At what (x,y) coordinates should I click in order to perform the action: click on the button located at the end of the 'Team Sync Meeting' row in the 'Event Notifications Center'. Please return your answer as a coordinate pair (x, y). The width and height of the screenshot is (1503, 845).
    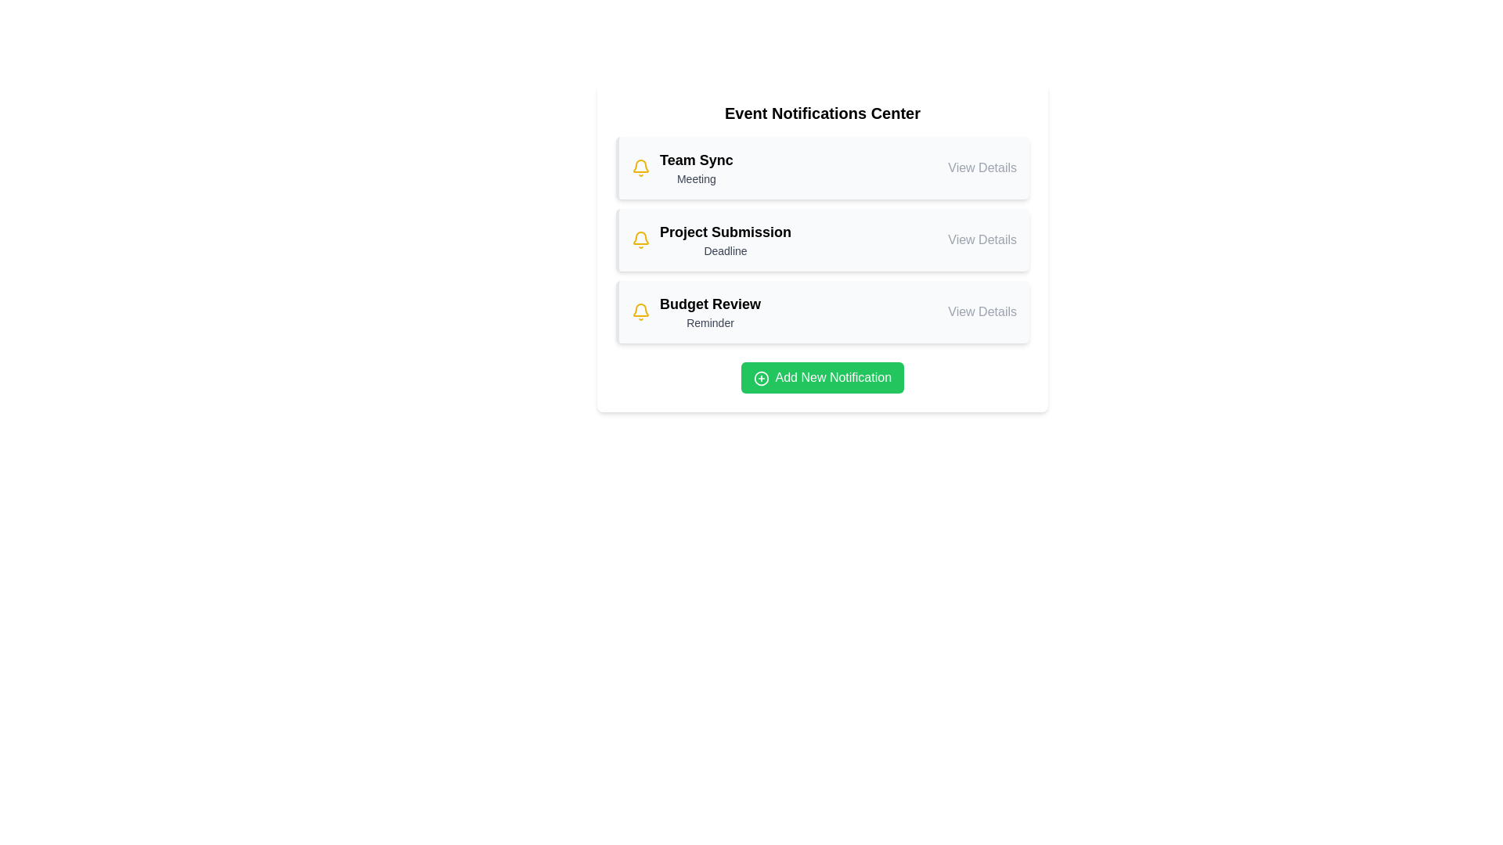
    Looking at the image, I should click on (982, 168).